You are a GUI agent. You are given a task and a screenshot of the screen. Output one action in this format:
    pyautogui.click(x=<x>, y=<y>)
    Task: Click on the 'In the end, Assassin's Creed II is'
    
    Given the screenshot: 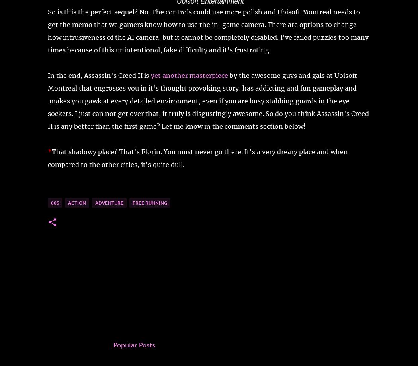 What is the action you would take?
    pyautogui.click(x=99, y=74)
    